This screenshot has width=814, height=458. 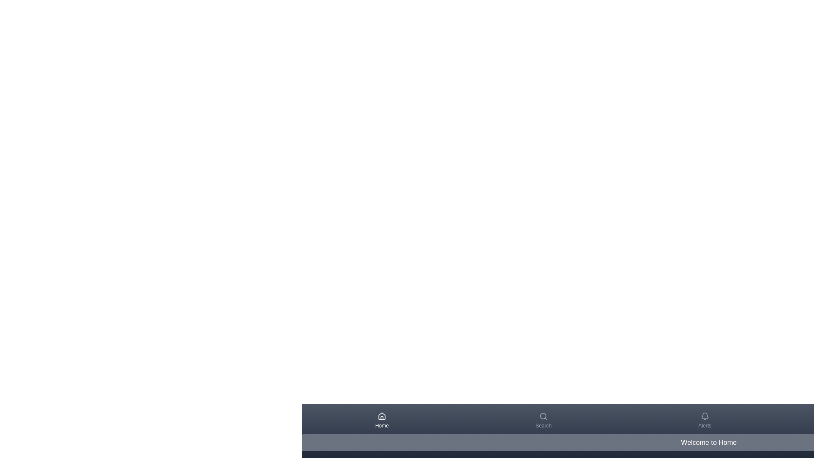 I want to click on the Alerts tab icon to see the hover effect, so click(x=704, y=420).